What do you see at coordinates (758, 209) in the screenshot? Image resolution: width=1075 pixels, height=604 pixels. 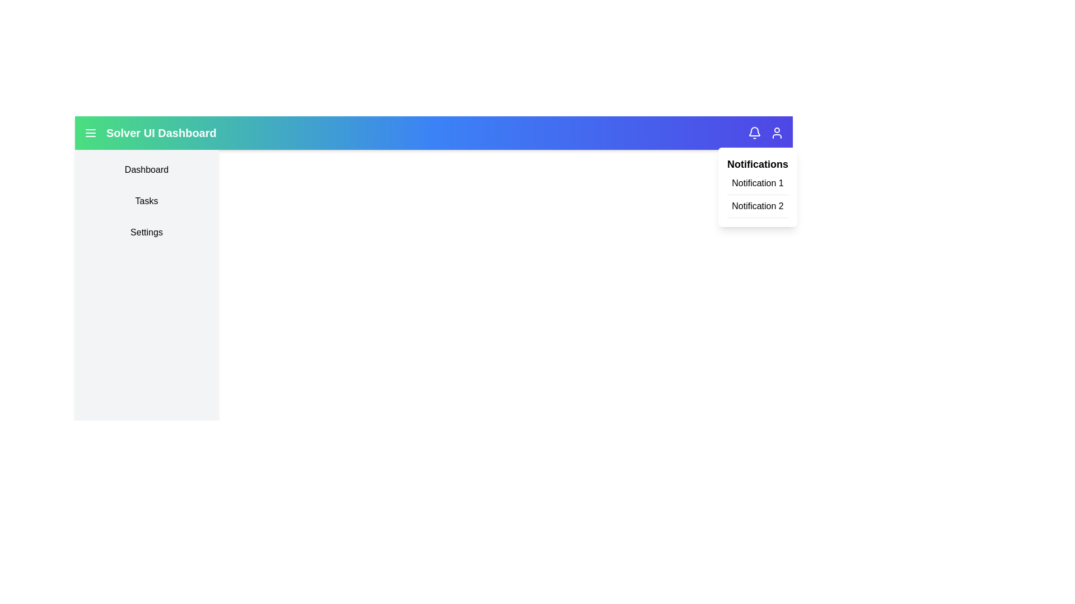 I see `the 'Notification 2' text element located in the dropdown panel beneath the 'Notifications' title, positioned as the second item in the list` at bounding box center [758, 209].